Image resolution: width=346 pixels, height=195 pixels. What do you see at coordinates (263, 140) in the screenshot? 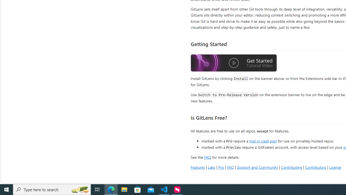
I see `'trial or paid plan'` at bounding box center [263, 140].